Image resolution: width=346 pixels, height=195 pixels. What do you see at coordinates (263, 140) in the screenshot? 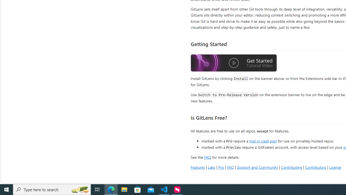
I see `'trial or paid plan'` at bounding box center [263, 140].